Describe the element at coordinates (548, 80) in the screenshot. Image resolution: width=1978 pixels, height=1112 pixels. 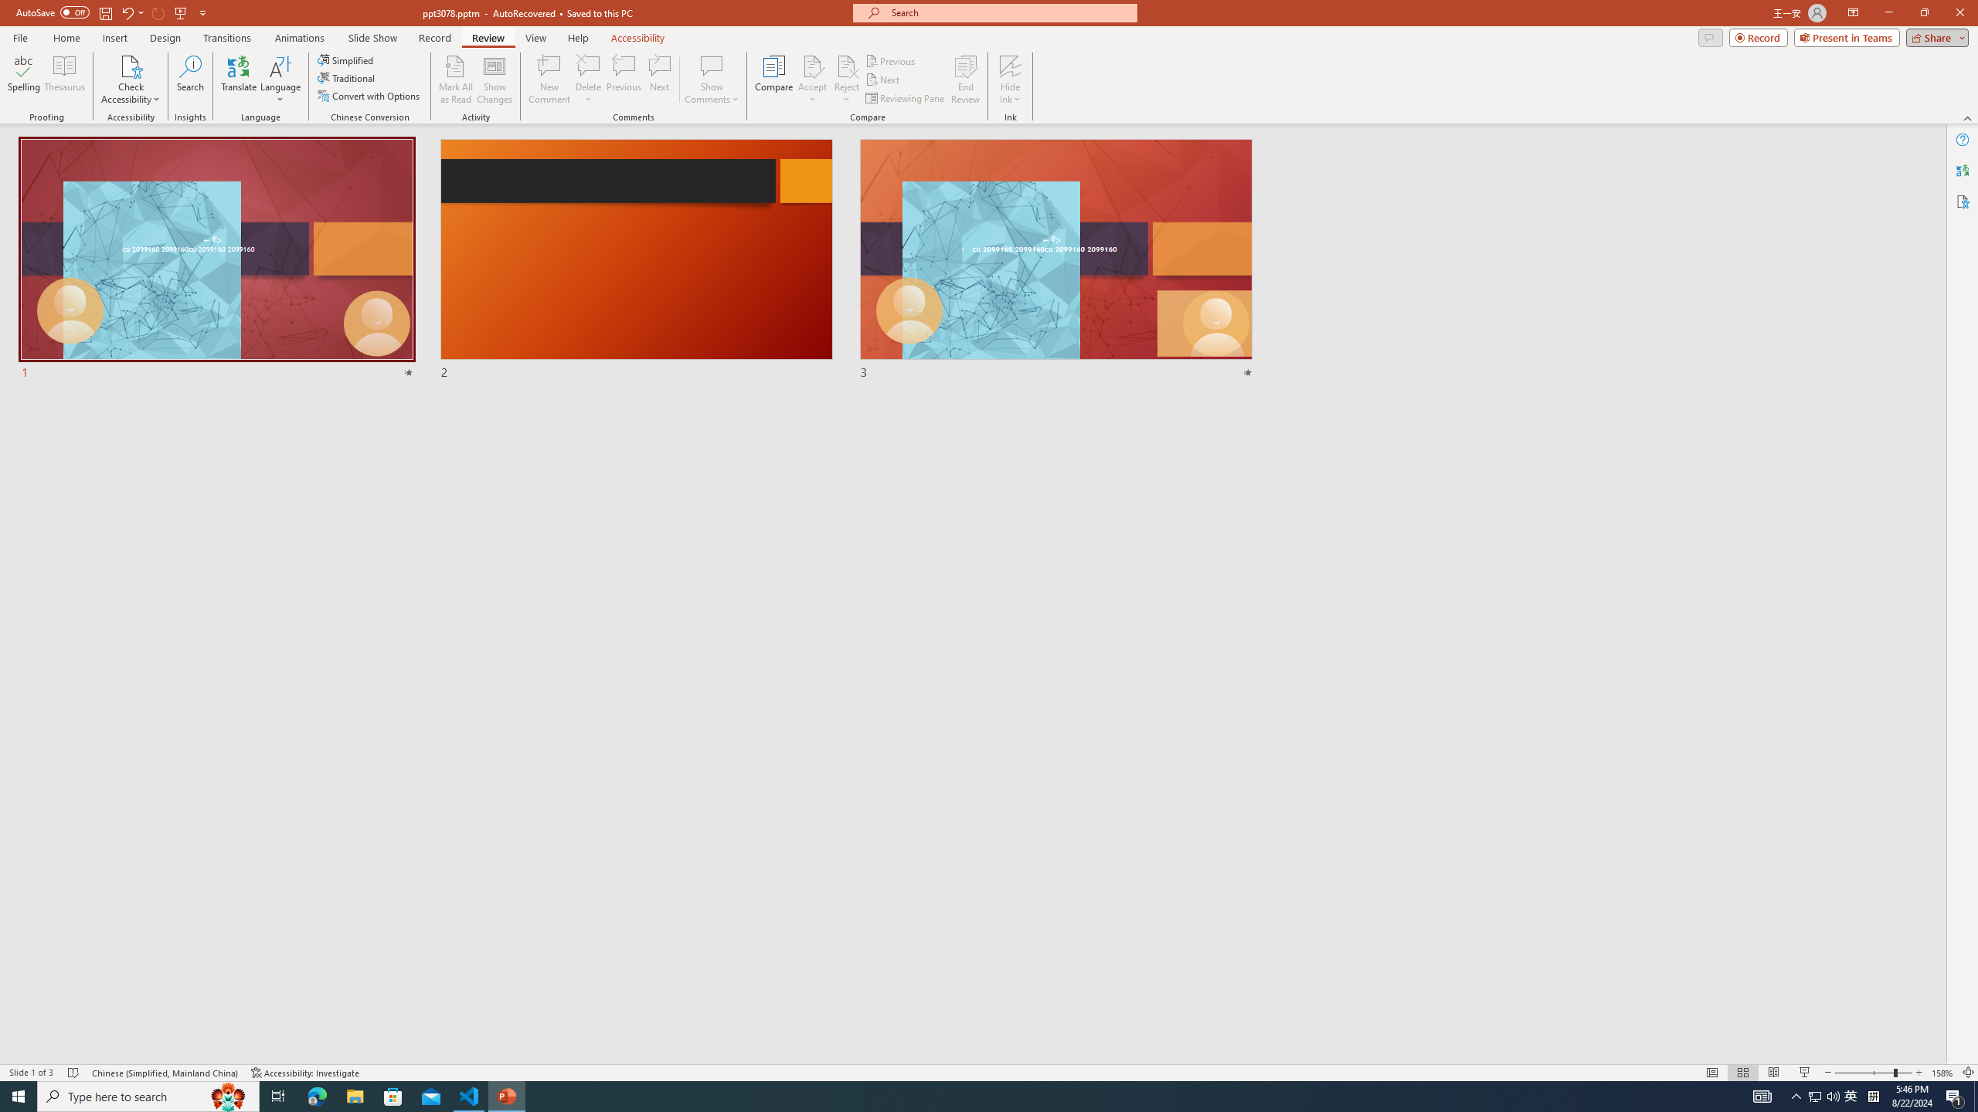
I see `'New Comment'` at that location.